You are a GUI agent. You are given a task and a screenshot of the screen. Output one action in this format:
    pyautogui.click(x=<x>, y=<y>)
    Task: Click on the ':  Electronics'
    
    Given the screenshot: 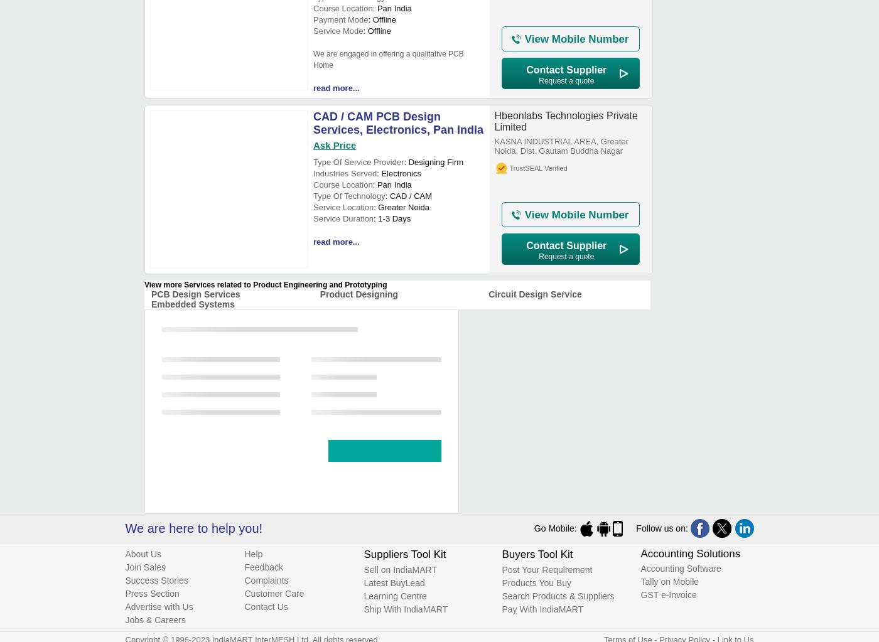 What is the action you would take?
    pyautogui.click(x=399, y=173)
    